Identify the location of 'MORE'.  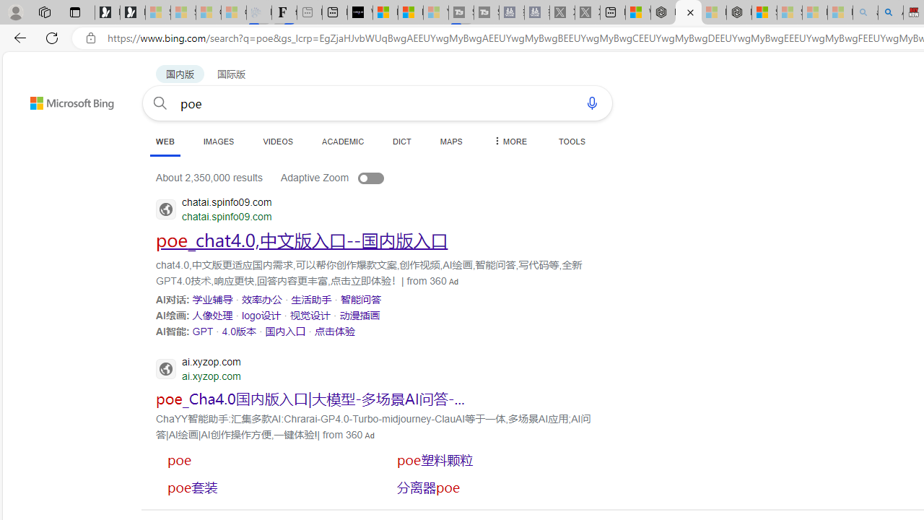
(509, 141).